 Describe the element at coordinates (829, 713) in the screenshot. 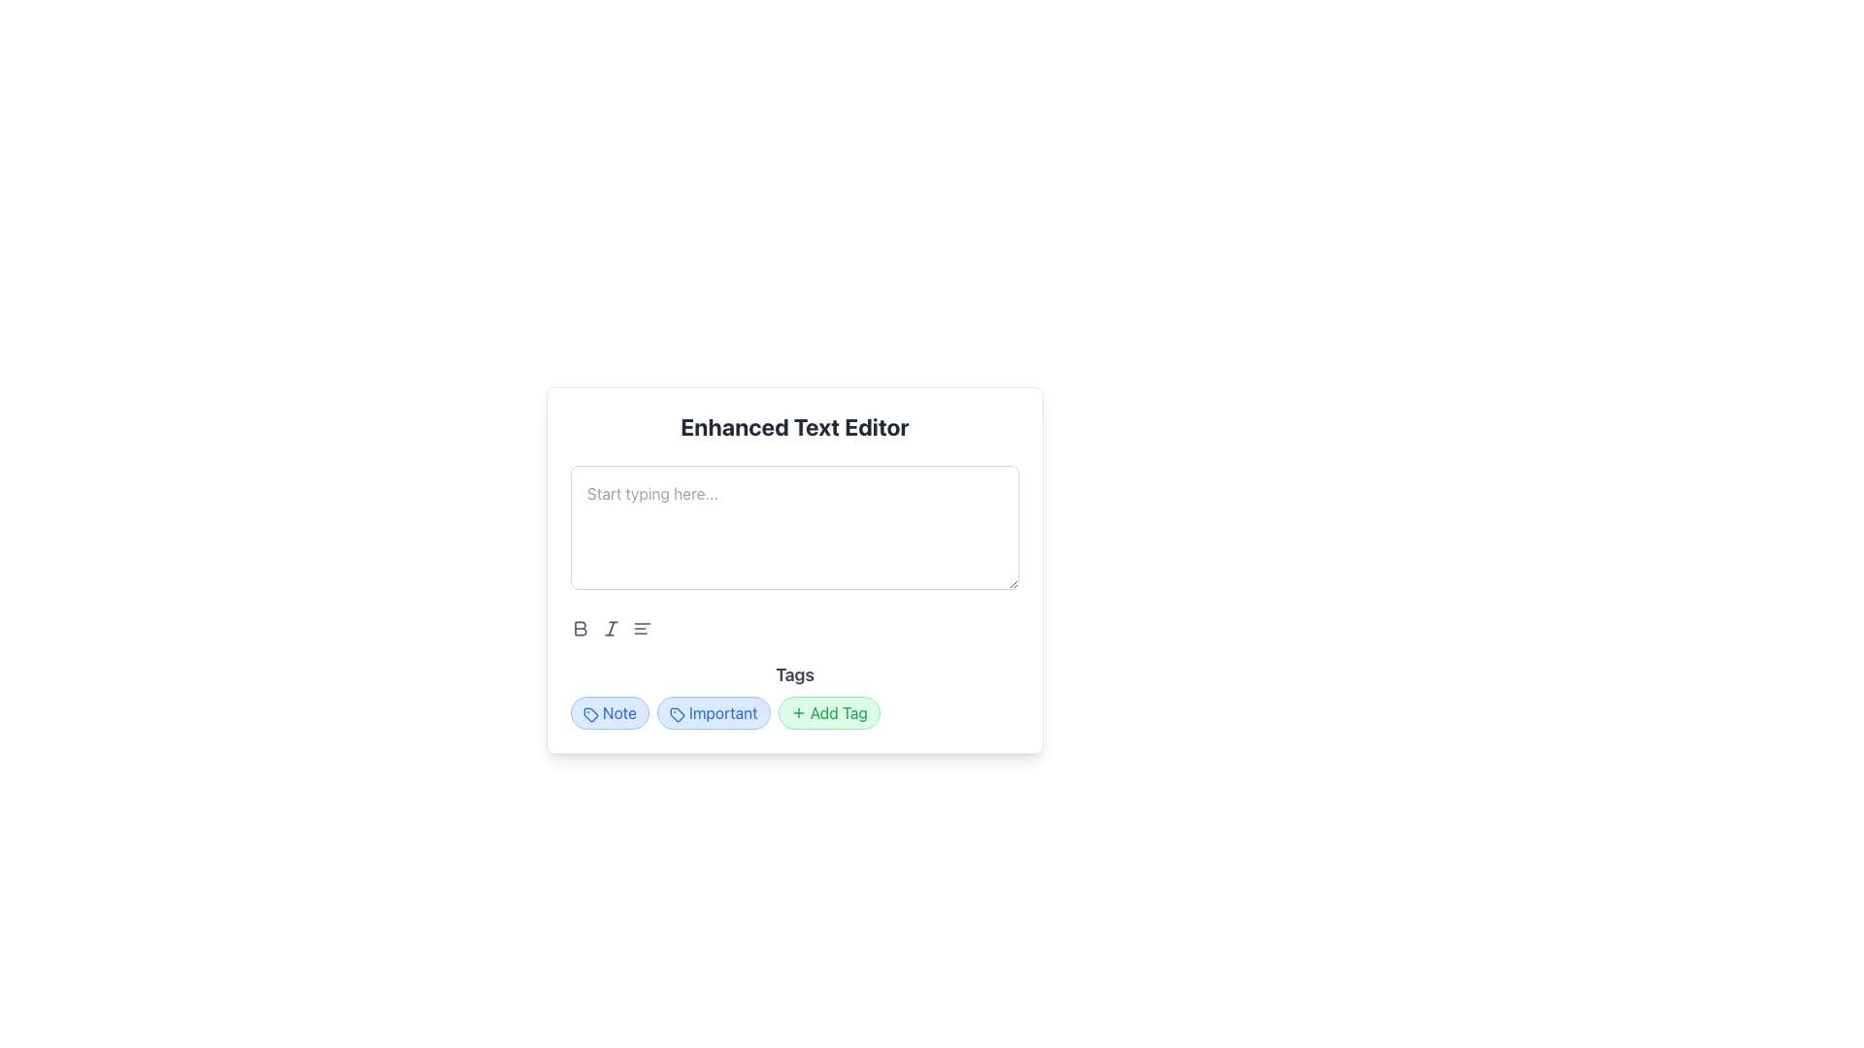

I see `the 'Add Tag' button, which is a rounded rectangle with green styling and includes a green plus icon to the left of the bold text, positioned to the right of the 'Important' button under the 'Tags' label` at that location.